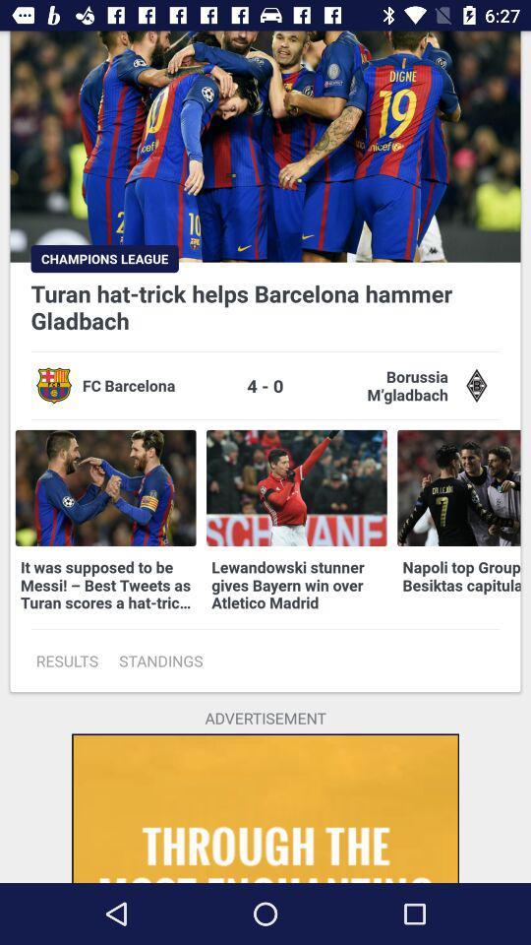  What do you see at coordinates (265, 808) in the screenshot?
I see `advertisement` at bounding box center [265, 808].